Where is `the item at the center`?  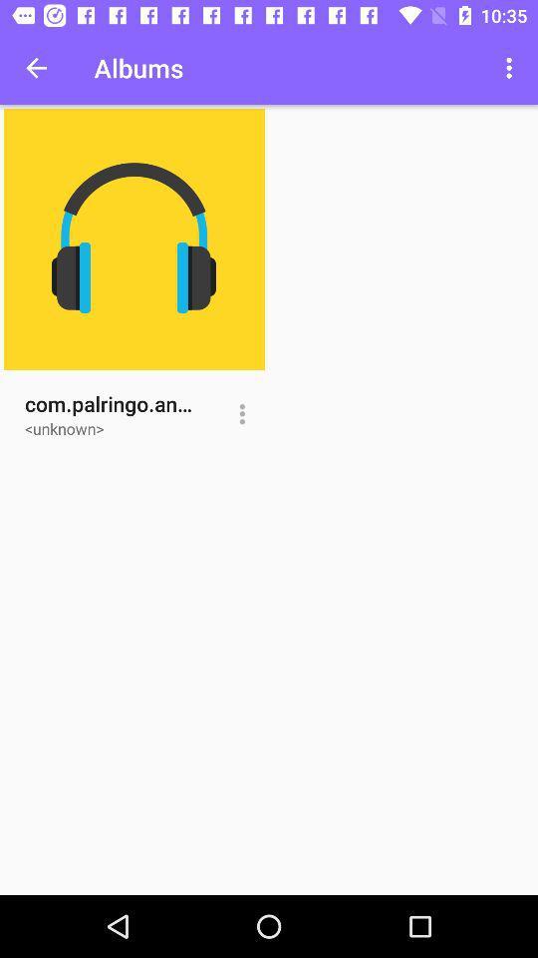
the item at the center is located at coordinates (242, 413).